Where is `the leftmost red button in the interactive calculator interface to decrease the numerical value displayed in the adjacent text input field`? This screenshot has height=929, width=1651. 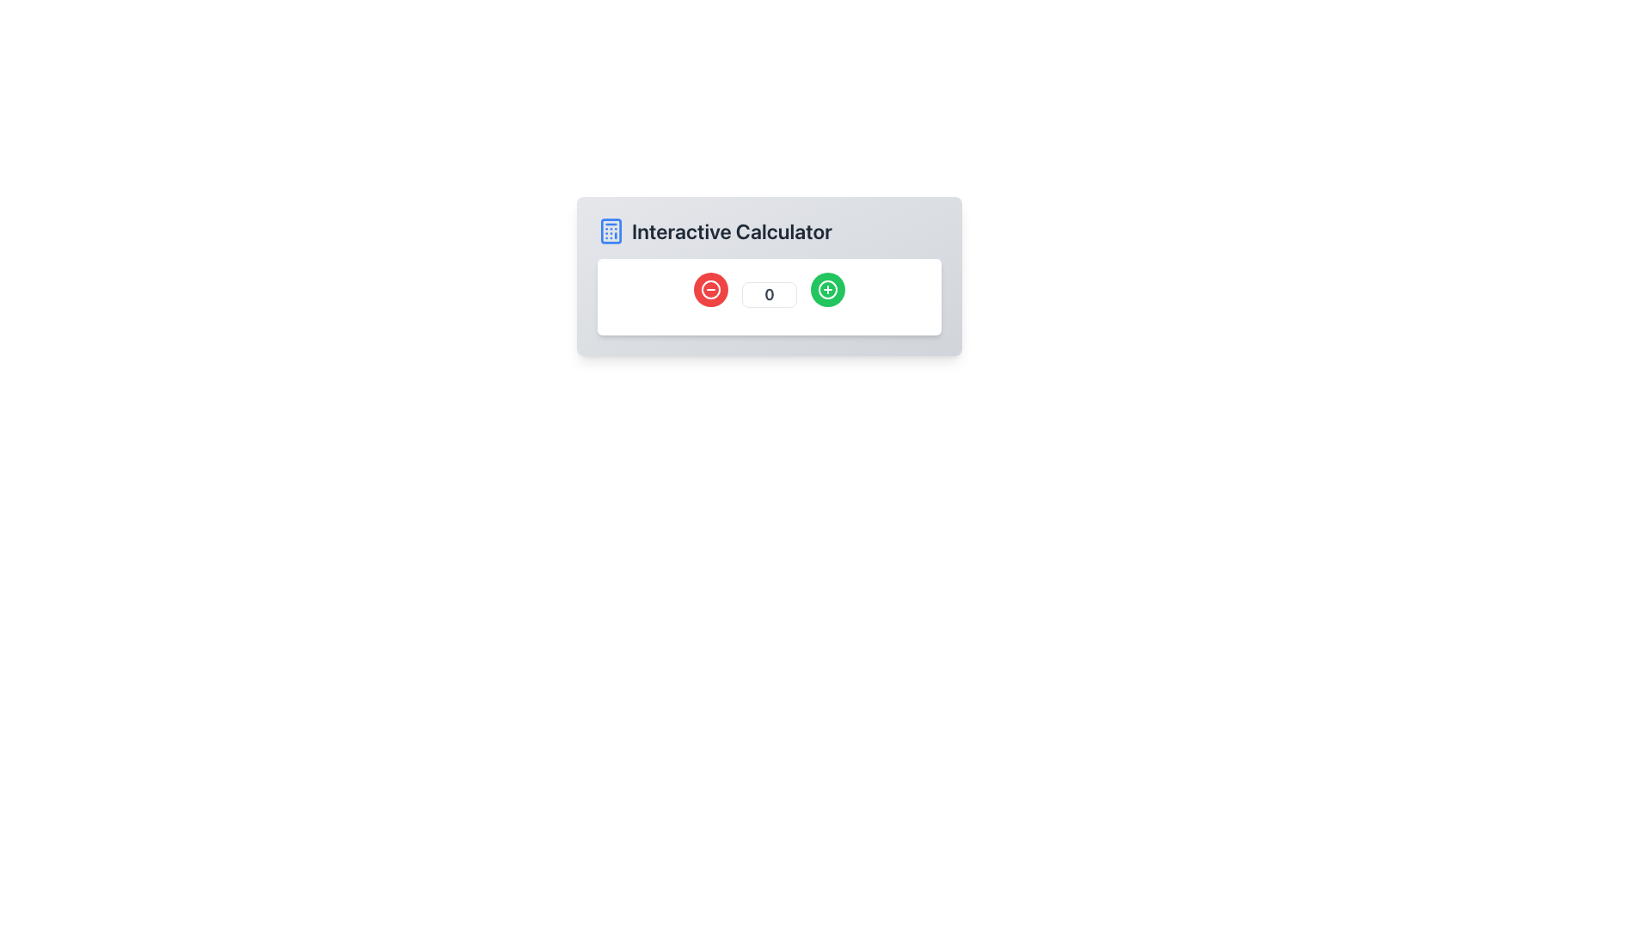 the leftmost red button in the interactive calculator interface to decrease the numerical value displayed in the adjacent text input field is located at coordinates (710, 288).